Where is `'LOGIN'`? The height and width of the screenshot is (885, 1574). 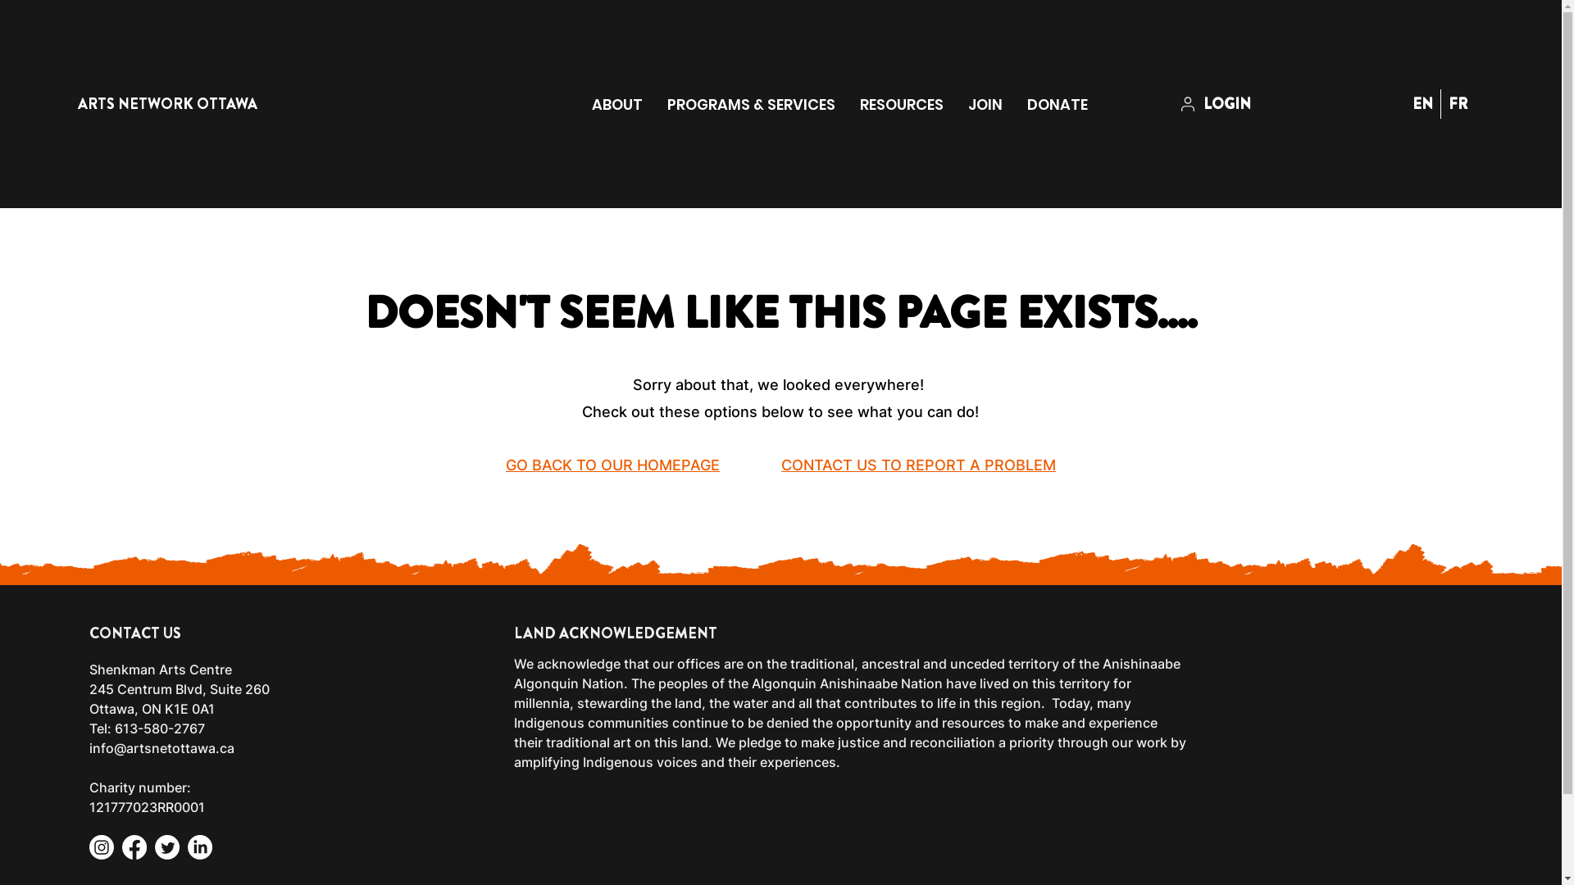 'LOGIN' is located at coordinates (1218, 103).